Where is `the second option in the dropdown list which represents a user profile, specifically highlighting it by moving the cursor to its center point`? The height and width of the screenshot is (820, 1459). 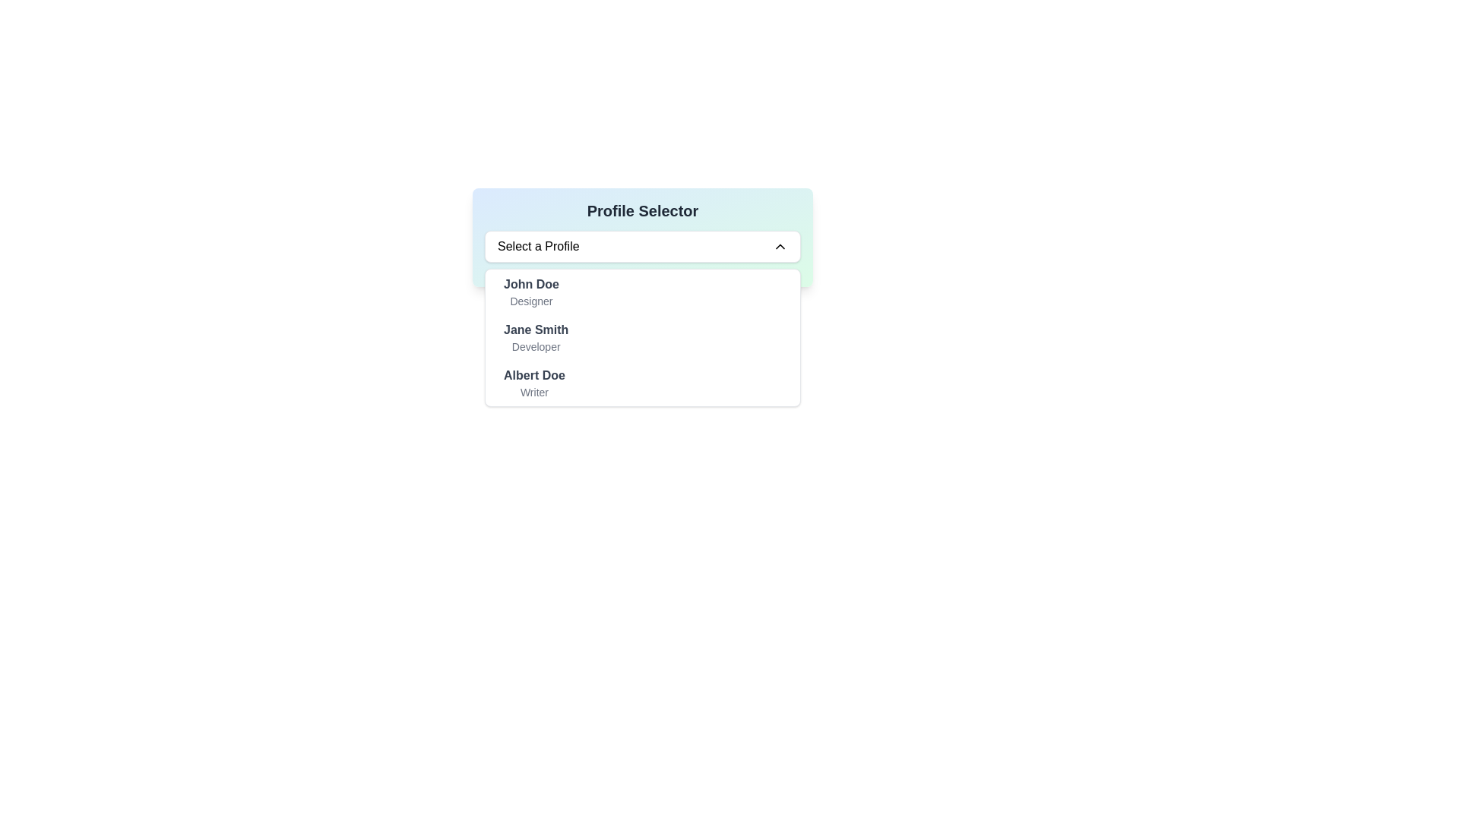 the second option in the dropdown list which represents a user profile, specifically highlighting it by moving the cursor to its center point is located at coordinates (642, 336).